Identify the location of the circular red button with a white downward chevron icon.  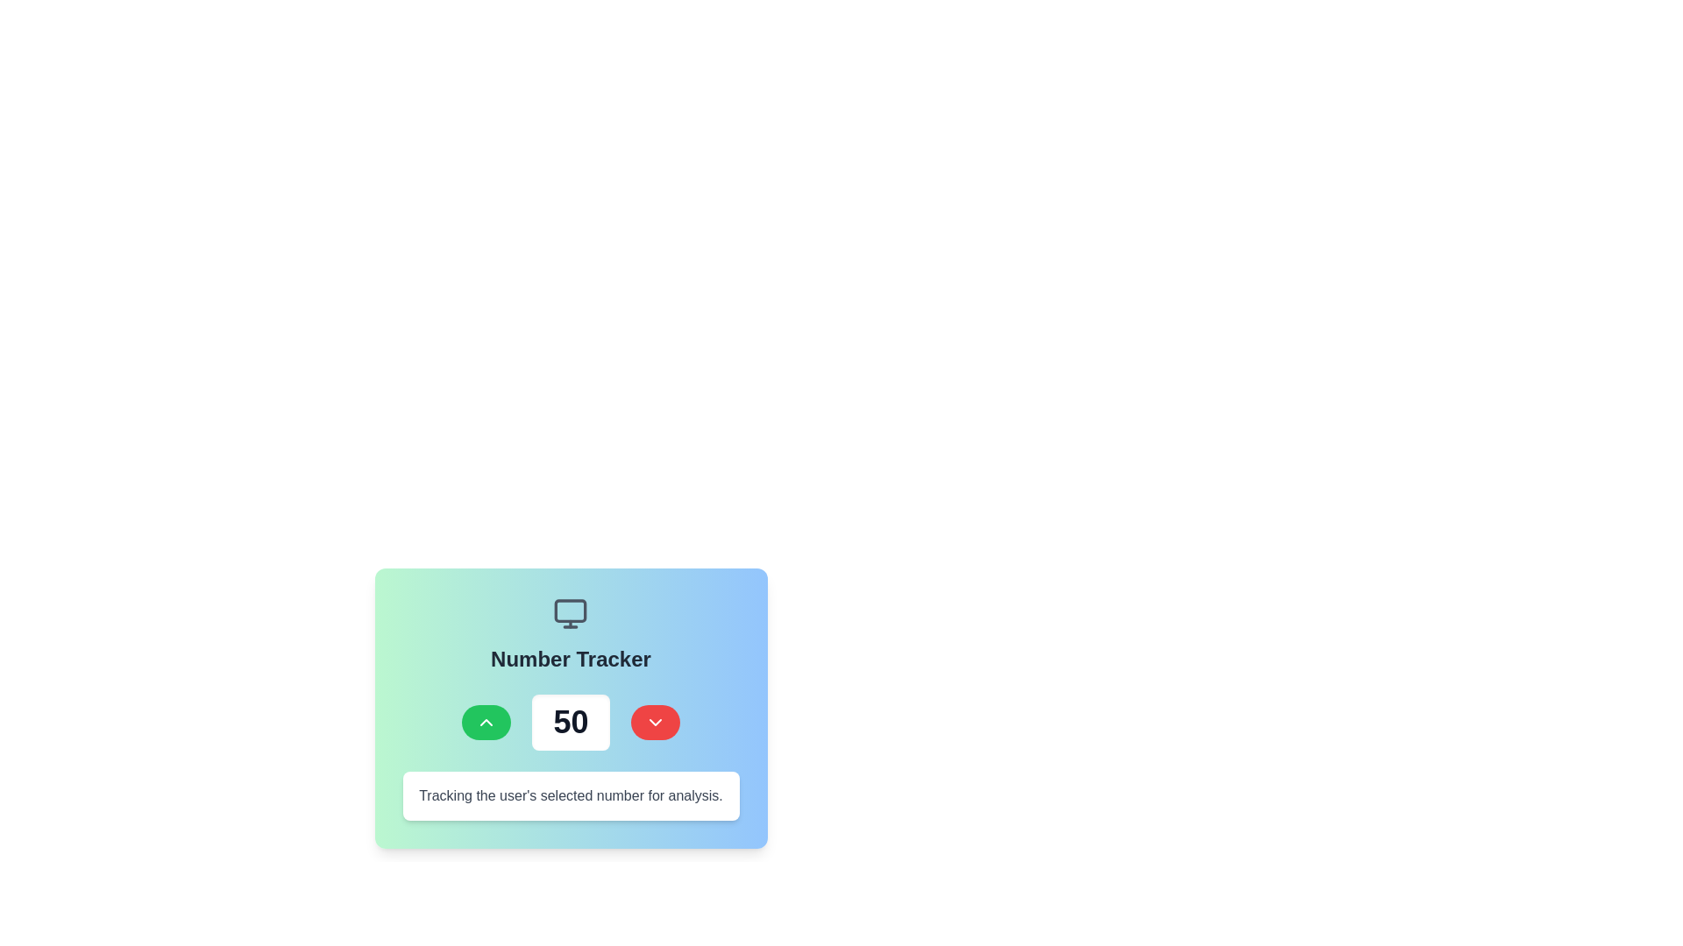
(654, 723).